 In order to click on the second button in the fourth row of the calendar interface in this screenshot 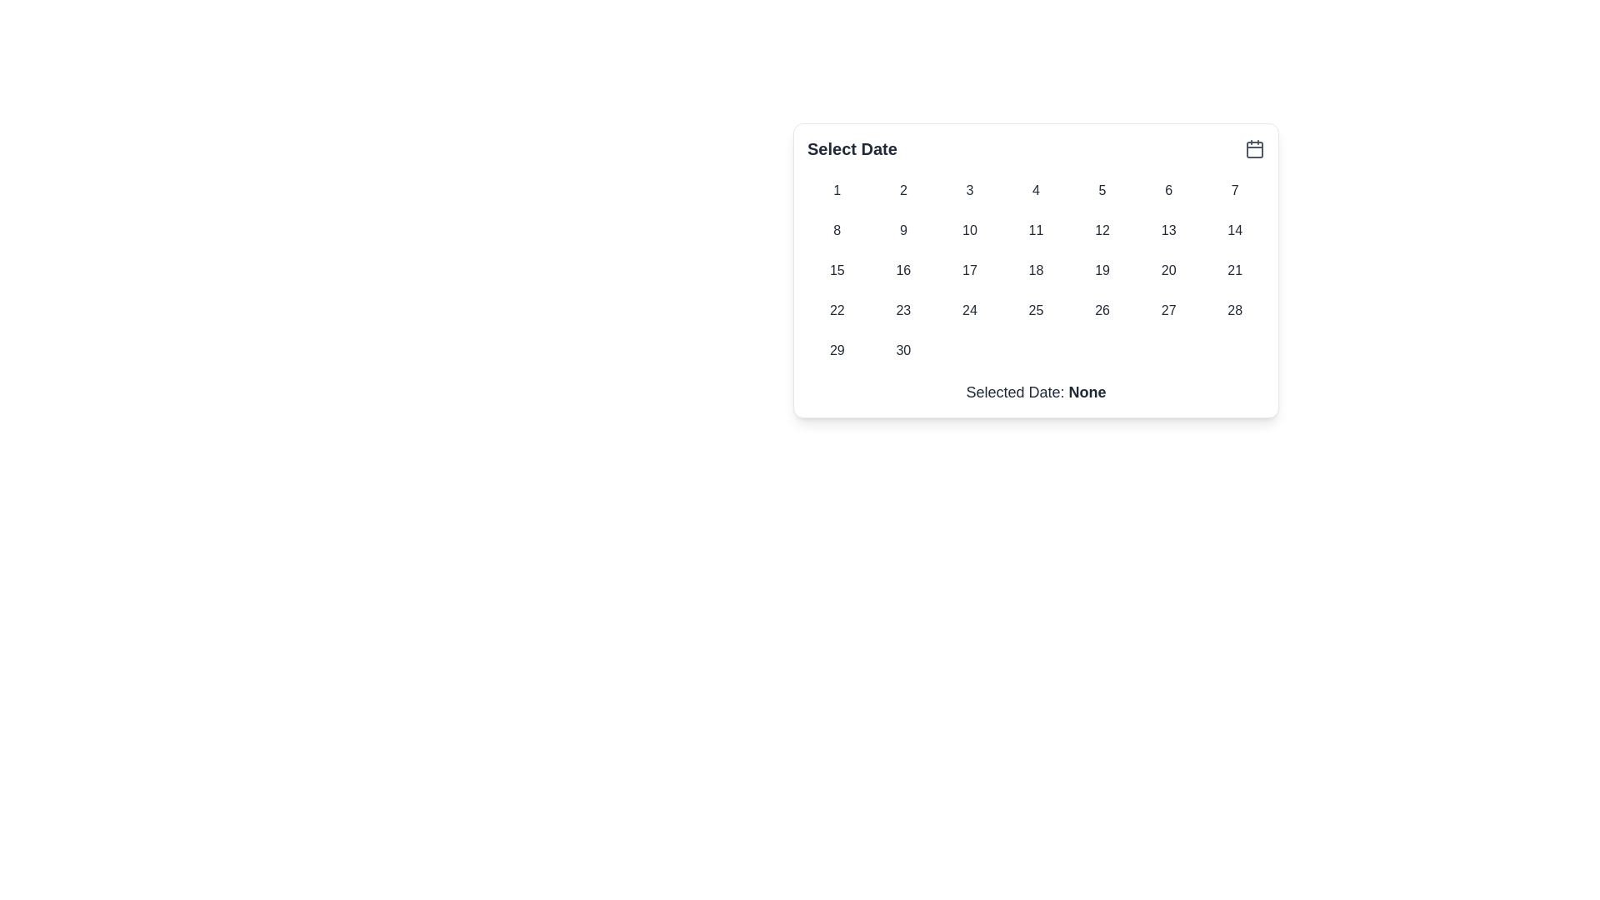, I will do `click(902, 311)`.